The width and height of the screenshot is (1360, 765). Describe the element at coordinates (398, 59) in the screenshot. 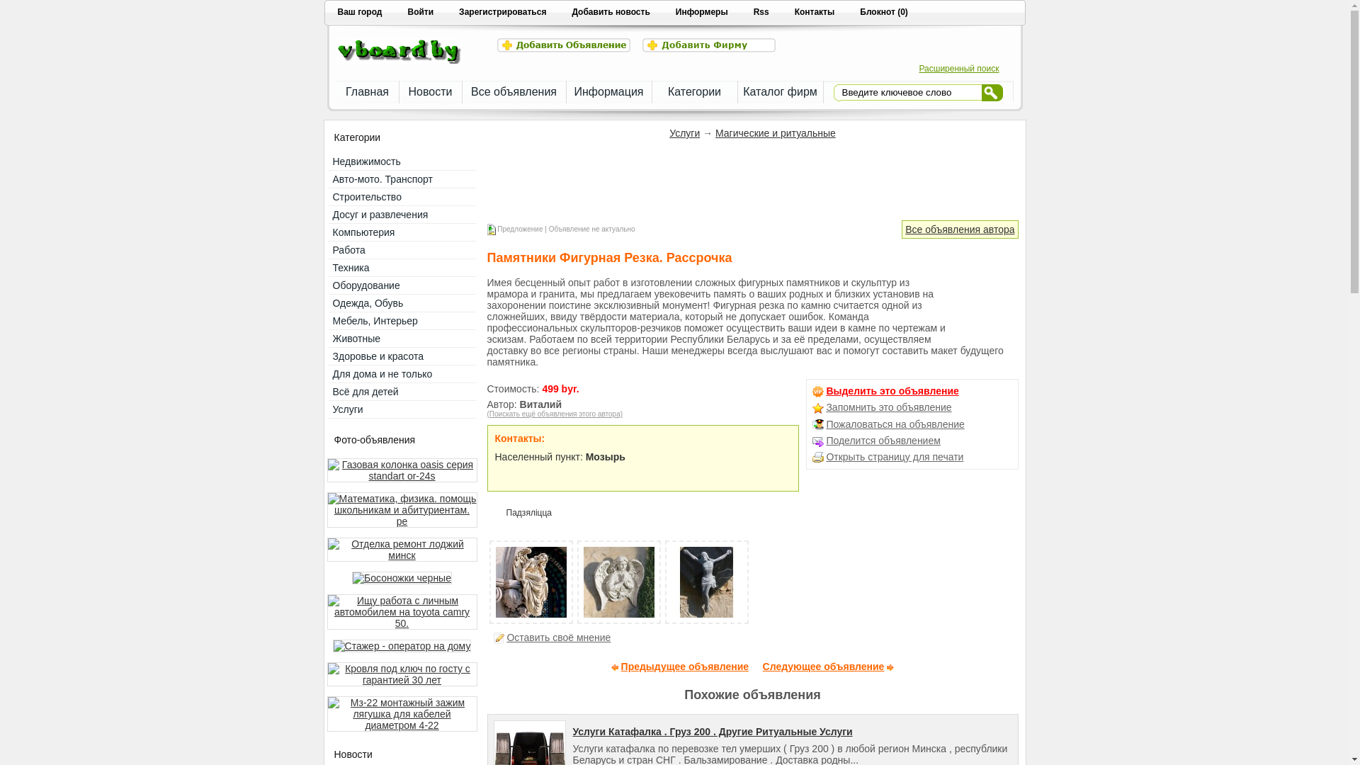

I see `'Jokerboard'` at that location.